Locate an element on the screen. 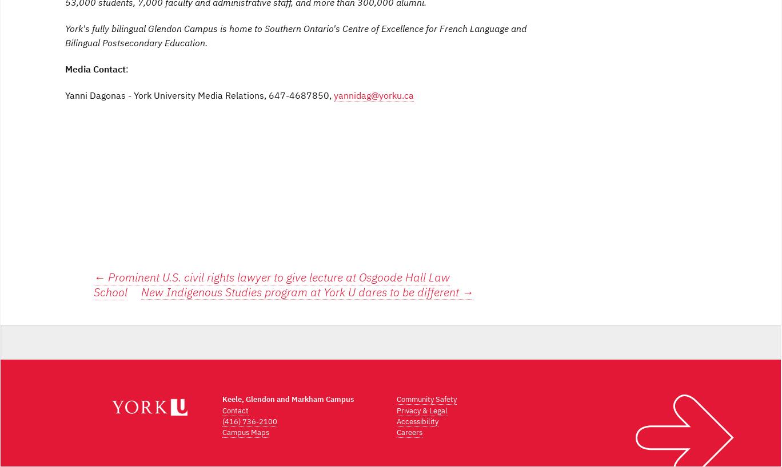 Image resolution: width=782 pixels, height=467 pixels. 'Media Contact' is located at coordinates (65, 69).